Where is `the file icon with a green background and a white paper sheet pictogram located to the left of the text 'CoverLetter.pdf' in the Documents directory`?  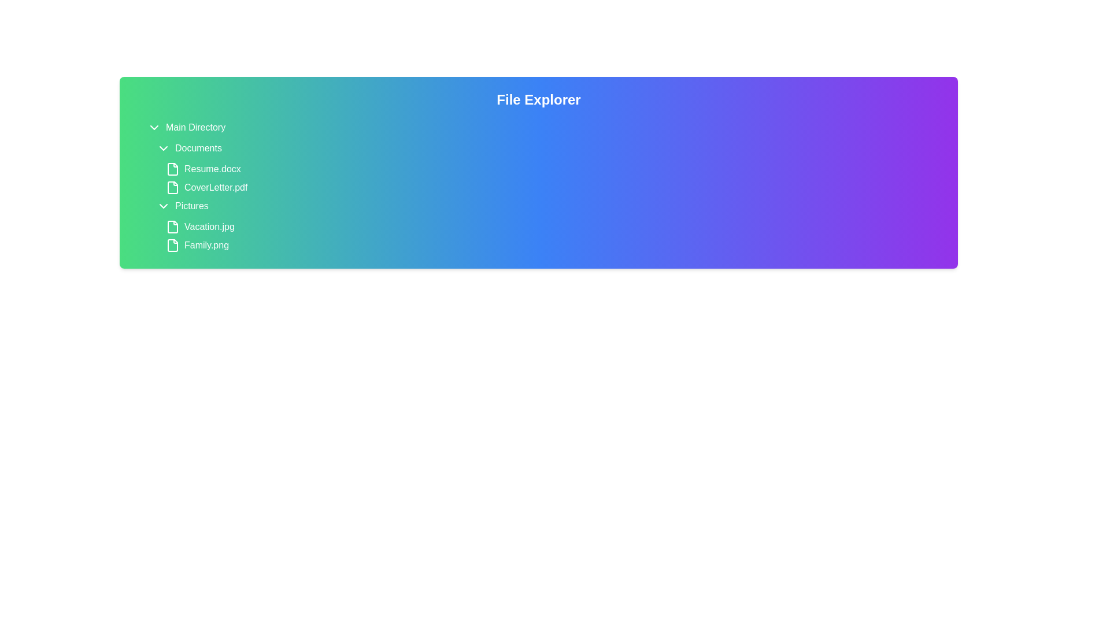 the file icon with a green background and a white paper sheet pictogram located to the left of the text 'CoverLetter.pdf' in the Documents directory is located at coordinates (172, 187).